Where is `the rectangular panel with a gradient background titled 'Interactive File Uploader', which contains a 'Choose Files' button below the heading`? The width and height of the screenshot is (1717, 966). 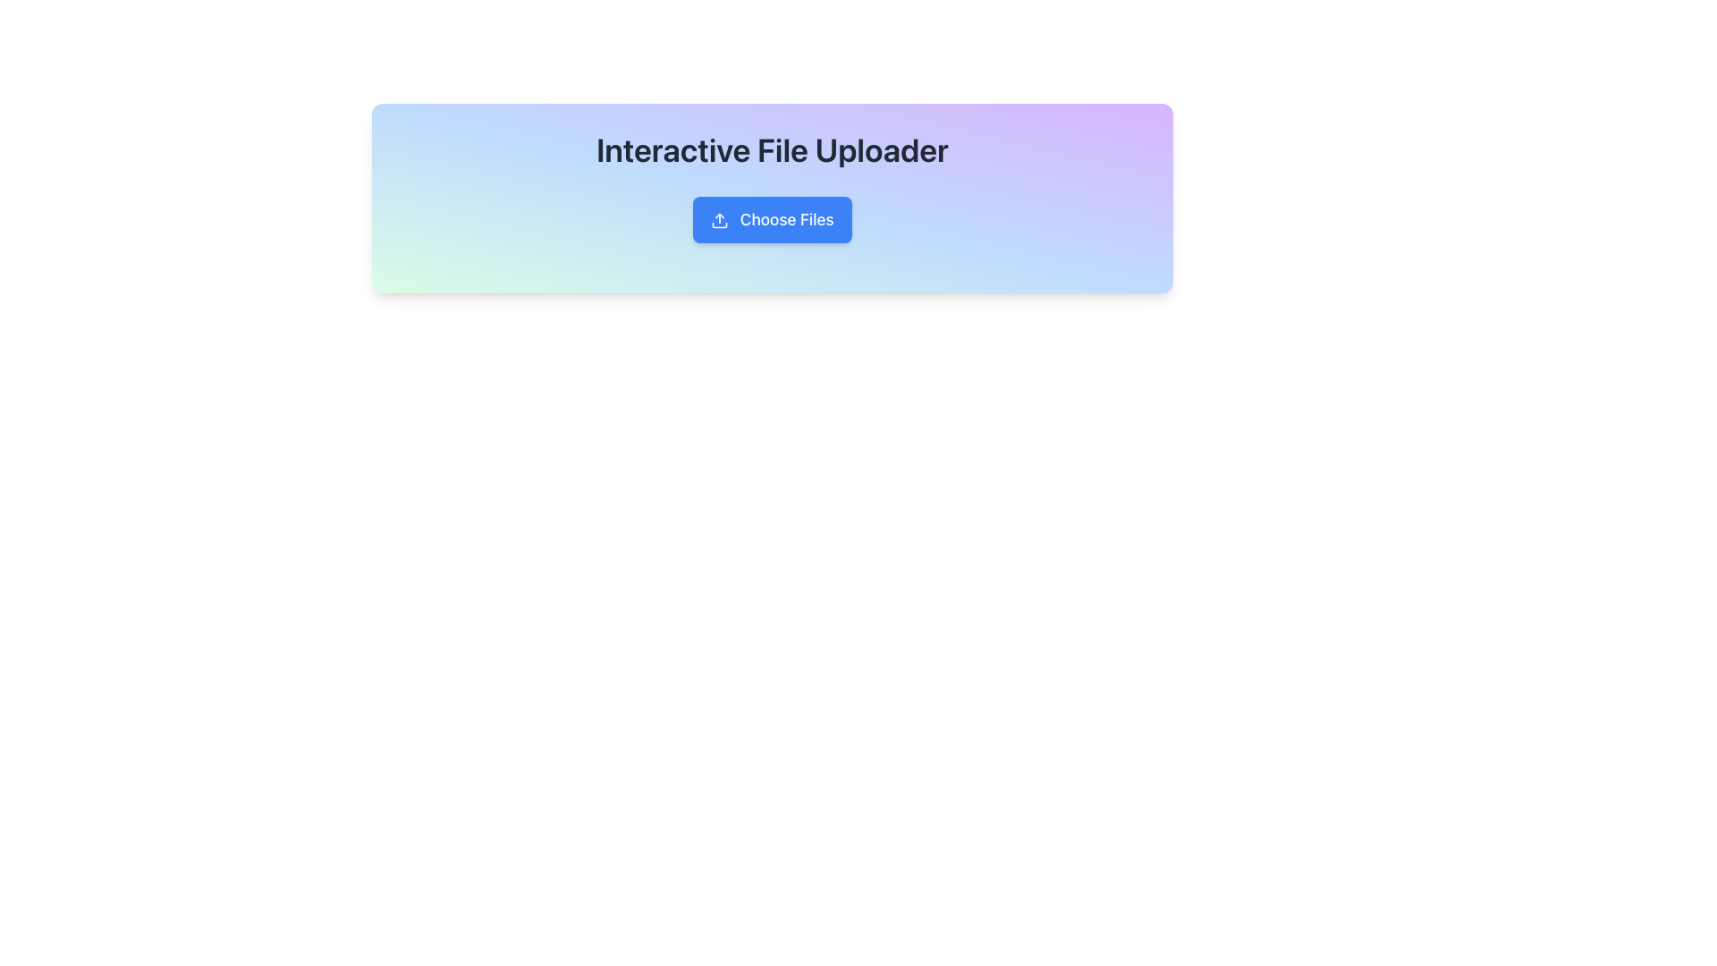 the rectangular panel with a gradient background titled 'Interactive File Uploader', which contains a 'Choose Files' button below the heading is located at coordinates (773, 199).